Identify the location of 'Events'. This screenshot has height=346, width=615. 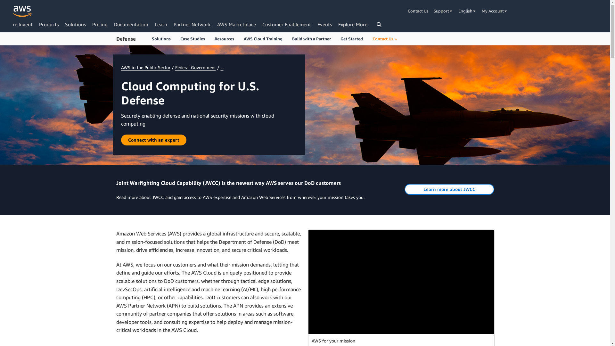
(324, 24).